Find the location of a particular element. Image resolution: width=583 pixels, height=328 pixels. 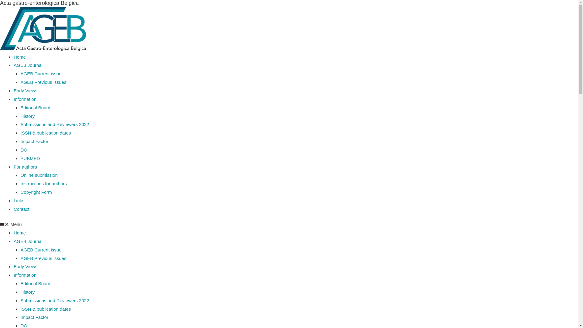

'Impact Factor' is located at coordinates (34, 317).